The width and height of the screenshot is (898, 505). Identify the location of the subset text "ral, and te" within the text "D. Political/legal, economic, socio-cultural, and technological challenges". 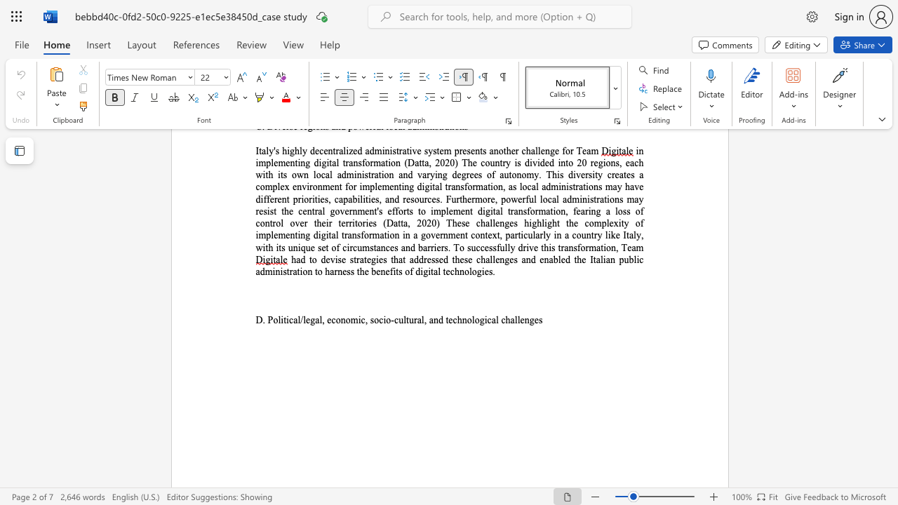
(413, 320).